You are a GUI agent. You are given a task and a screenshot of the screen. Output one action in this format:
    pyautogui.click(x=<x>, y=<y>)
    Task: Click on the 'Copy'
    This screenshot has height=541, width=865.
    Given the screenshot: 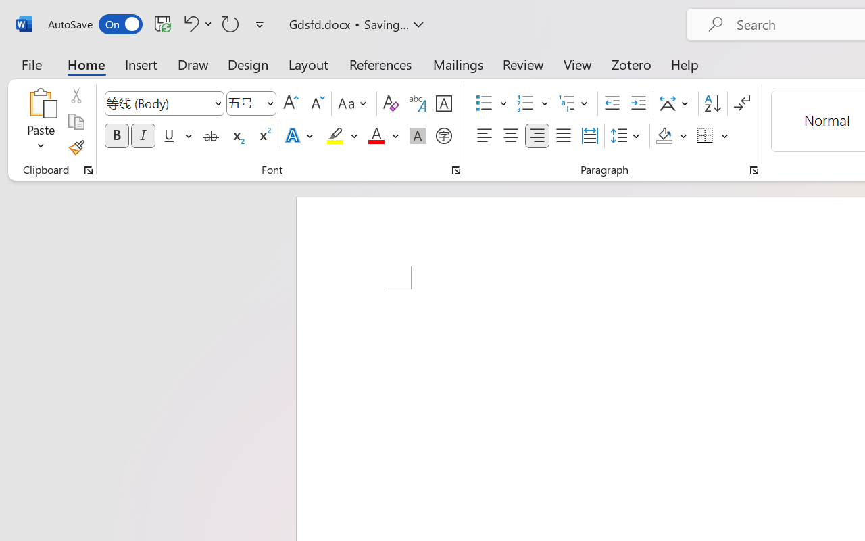 What is the action you would take?
    pyautogui.click(x=75, y=121)
    